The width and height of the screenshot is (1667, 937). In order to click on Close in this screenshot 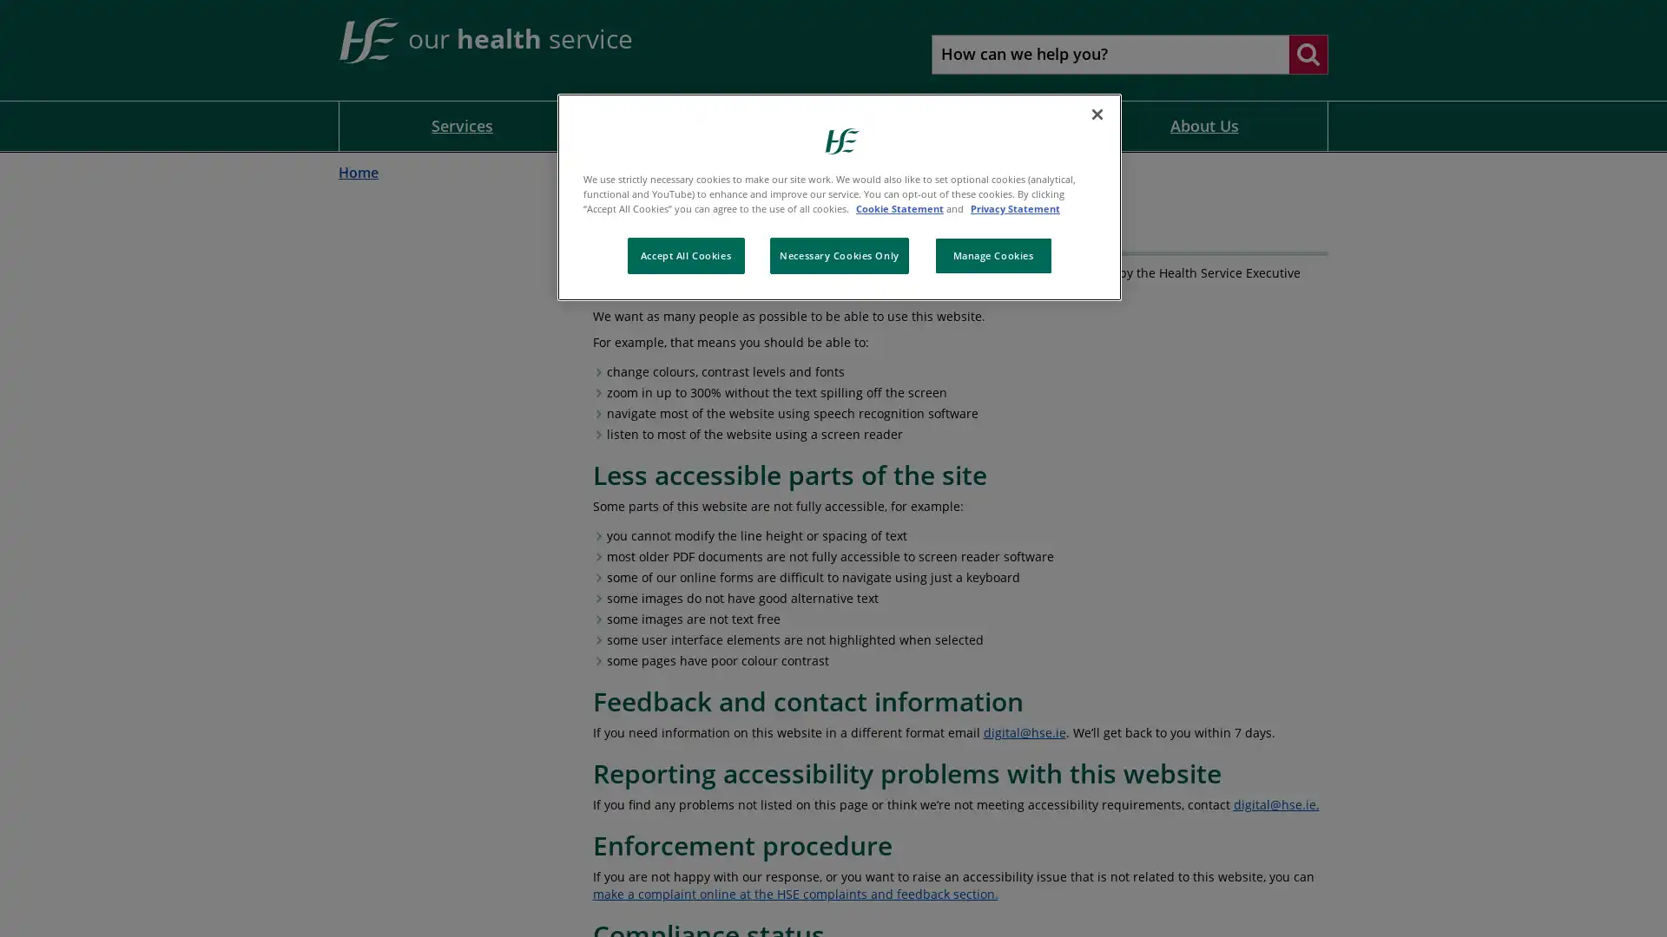, I will do `click(1096, 114)`.